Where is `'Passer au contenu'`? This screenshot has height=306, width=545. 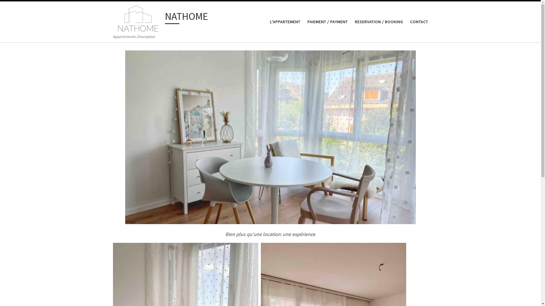
'Passer au contenu' is located at coordinates (24, 8).